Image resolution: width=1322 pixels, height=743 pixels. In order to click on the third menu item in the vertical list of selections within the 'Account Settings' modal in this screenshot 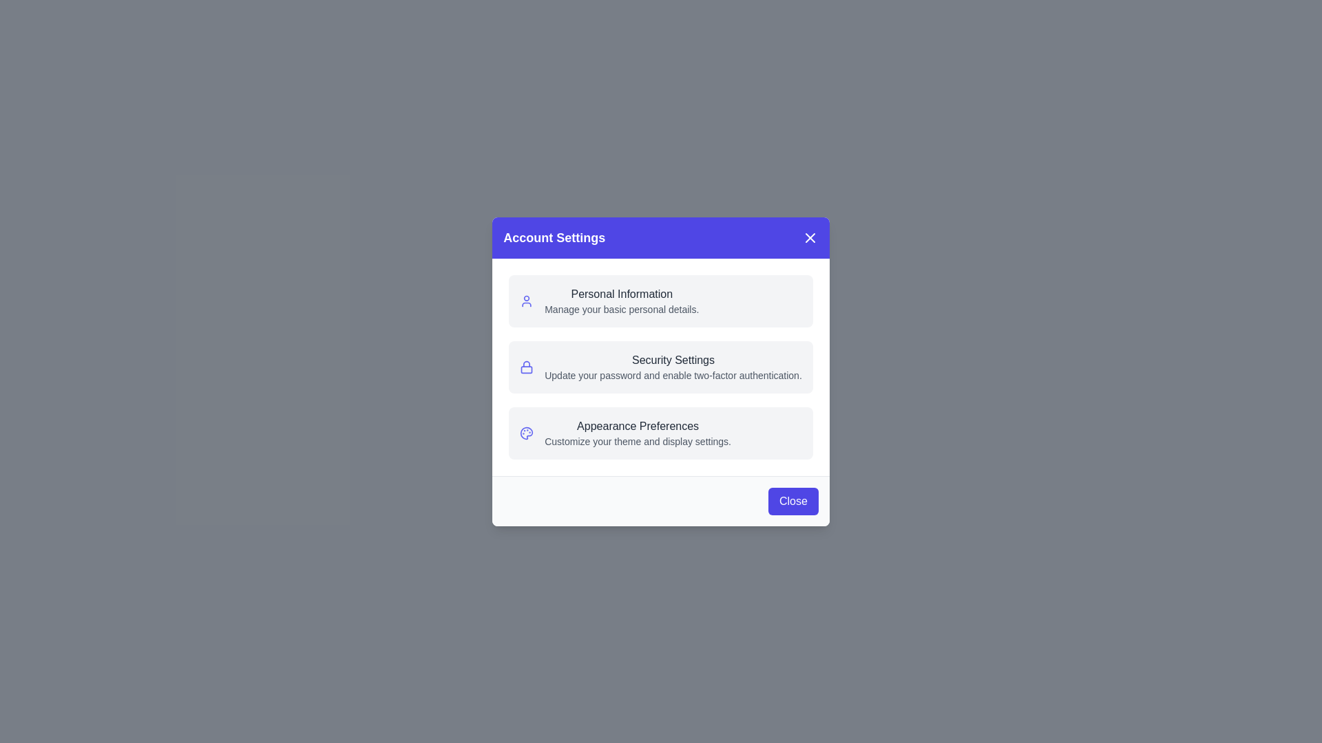, I will do `click(661, 432)`.